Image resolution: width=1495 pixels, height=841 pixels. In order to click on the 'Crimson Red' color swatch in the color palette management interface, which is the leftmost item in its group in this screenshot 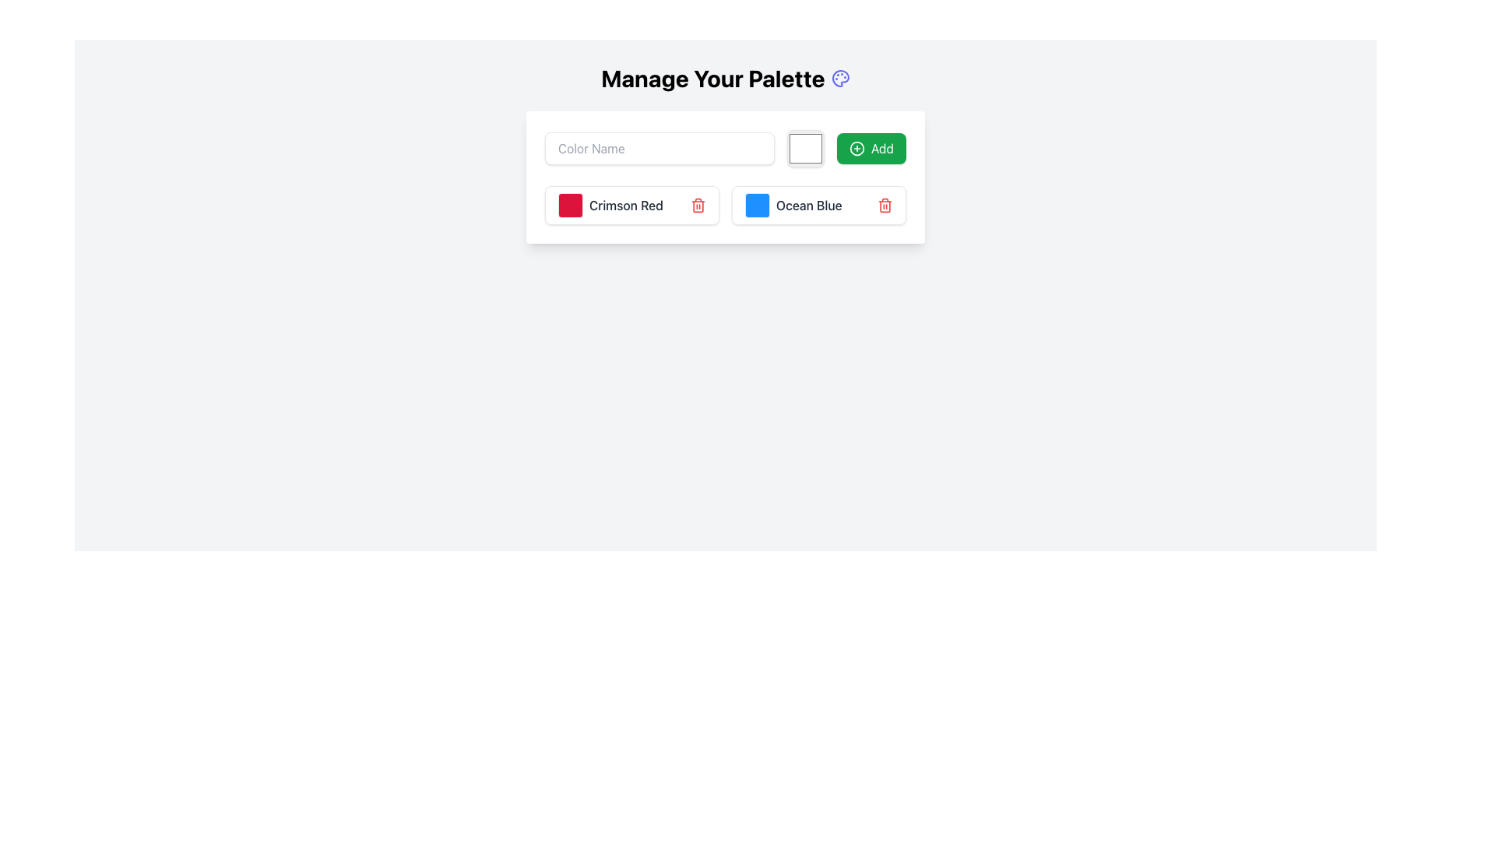, I will do `click(610, 204)`.